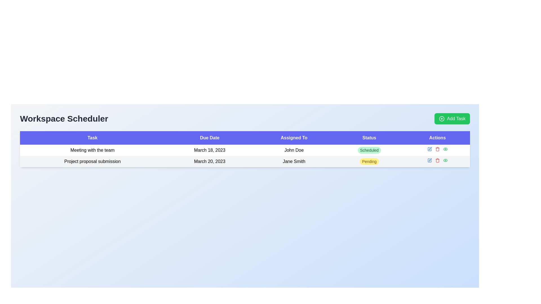 This screenshot has width=541, height=304. What do you see at coordinates (429, 149) in the screenshot?
I see `the pen icon button located in the 'Actions' column of the second row in the table to initiate editing` at bounding box center [429, 149].